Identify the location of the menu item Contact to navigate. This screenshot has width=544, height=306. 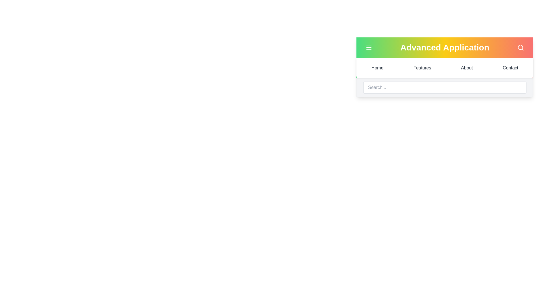
(510, 67).